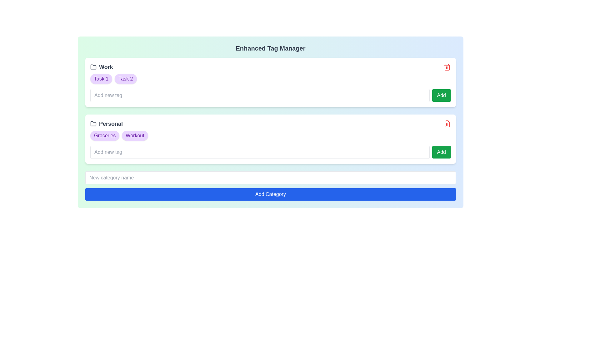 This screenshot has width=600, height=337. What do you see at coordinates (93, 67) in the screenshot?
I see `the folder icon located to the left of the text 'Work' in the Work section header` at bounding box center [93, 67].